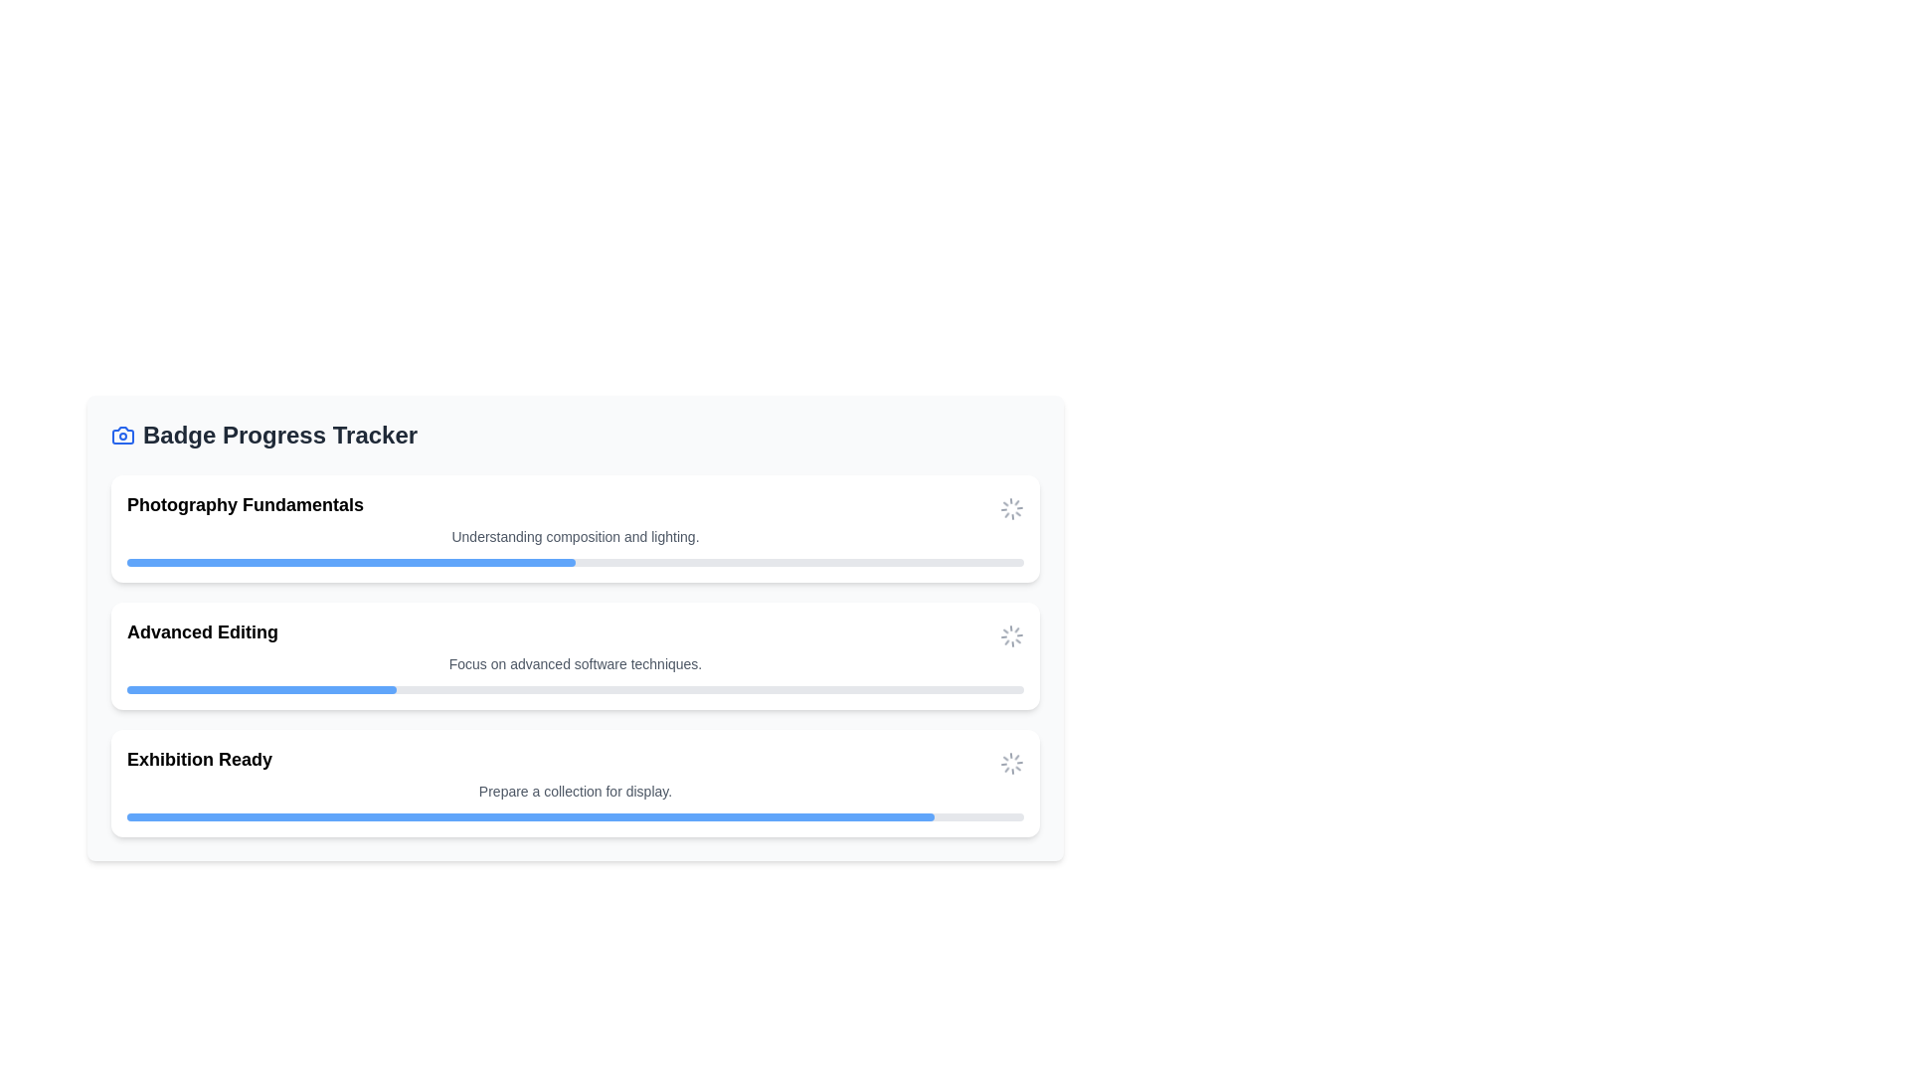 The height and width of the screenshot is (1074, 1909). What do you see at coordinates (1011, 762) in the screenshot?
I see `the spinning loader icon located to the far right of the text 'Exhibition Ready', which indicates ongoing activity` at bounding box center [1011, 762].